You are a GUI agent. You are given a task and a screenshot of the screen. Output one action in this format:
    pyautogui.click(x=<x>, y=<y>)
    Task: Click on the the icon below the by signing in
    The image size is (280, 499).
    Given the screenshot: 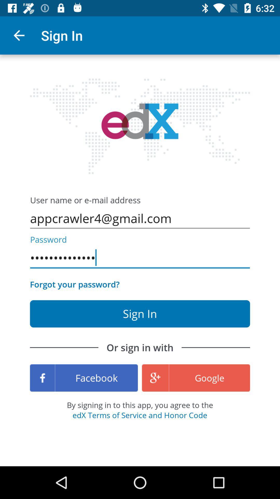 What is the action you would take?
    pyautogui.click(x=139, y=415)
    